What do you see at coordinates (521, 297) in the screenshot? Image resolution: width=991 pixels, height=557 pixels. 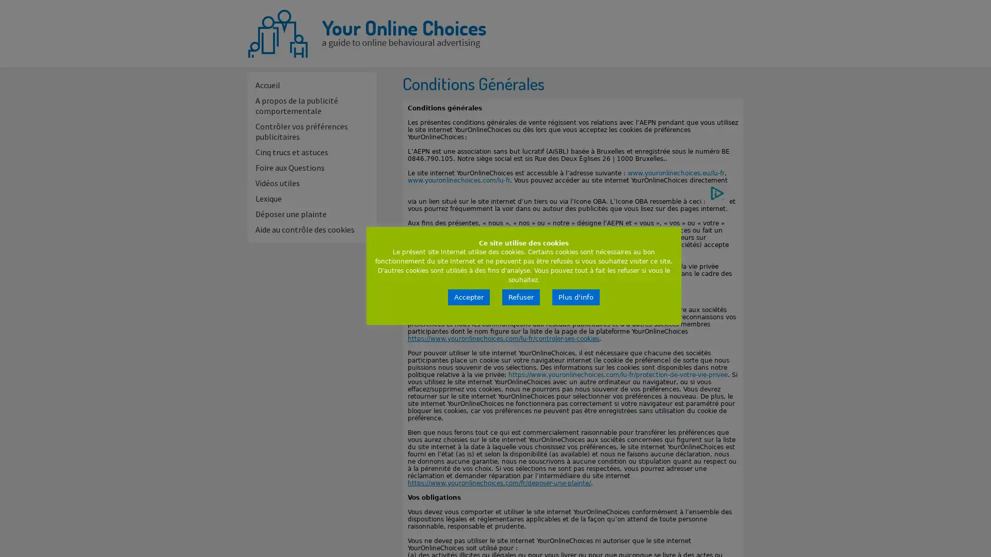 I see `Refuser` at bounding box center [521, 297].